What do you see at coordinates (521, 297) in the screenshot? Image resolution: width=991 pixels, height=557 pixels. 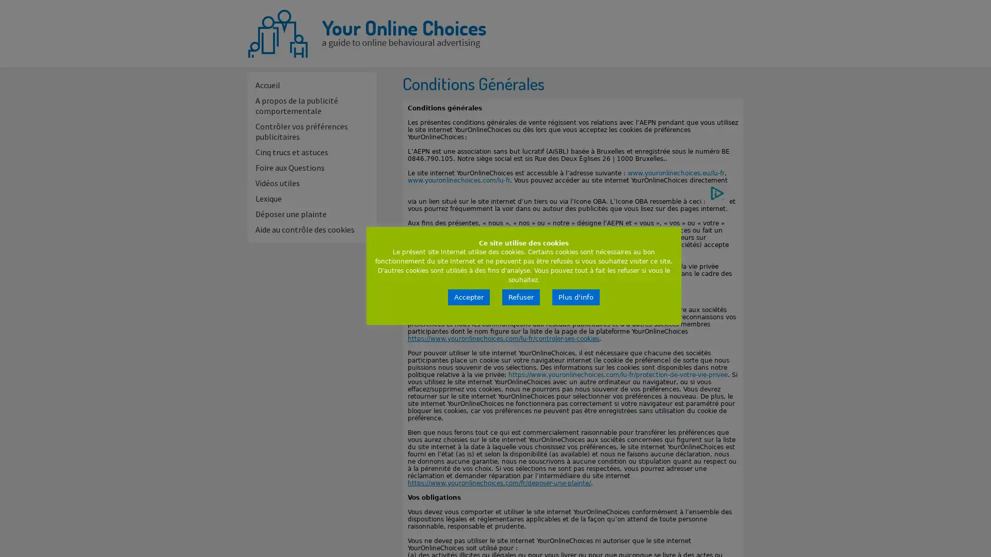 I see `Refuser` at bounding box center [521, 297].